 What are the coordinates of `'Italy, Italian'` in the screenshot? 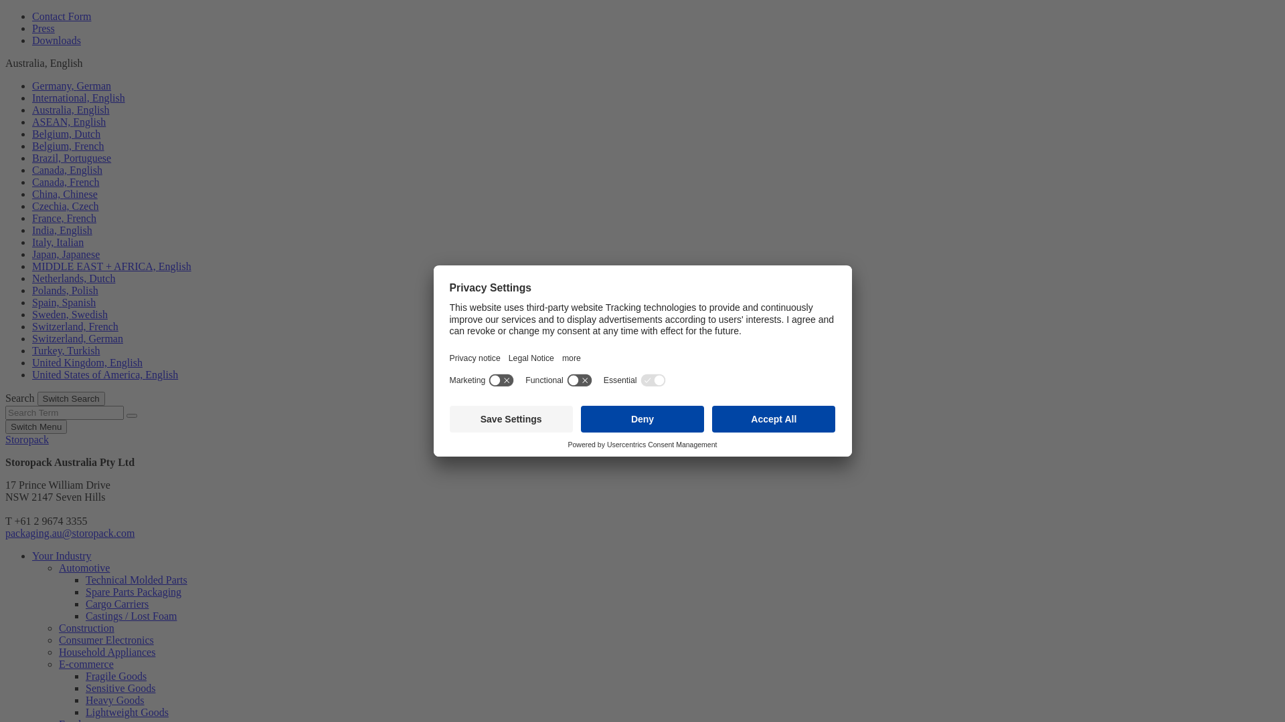 It's located at (57, 242).